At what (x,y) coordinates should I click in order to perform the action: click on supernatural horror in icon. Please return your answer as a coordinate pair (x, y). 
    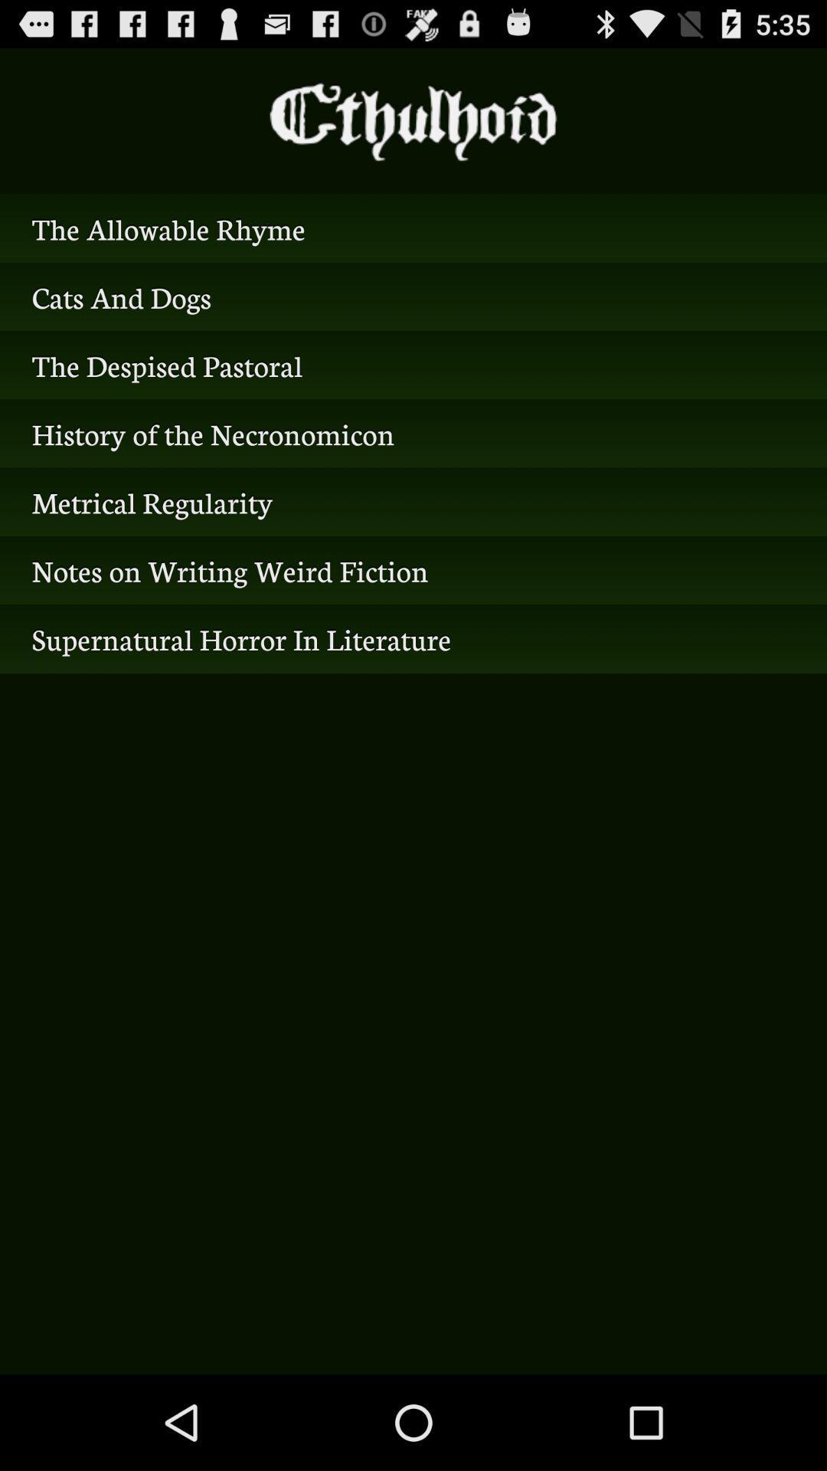
    Looking at the image, I should click on (413, 639).